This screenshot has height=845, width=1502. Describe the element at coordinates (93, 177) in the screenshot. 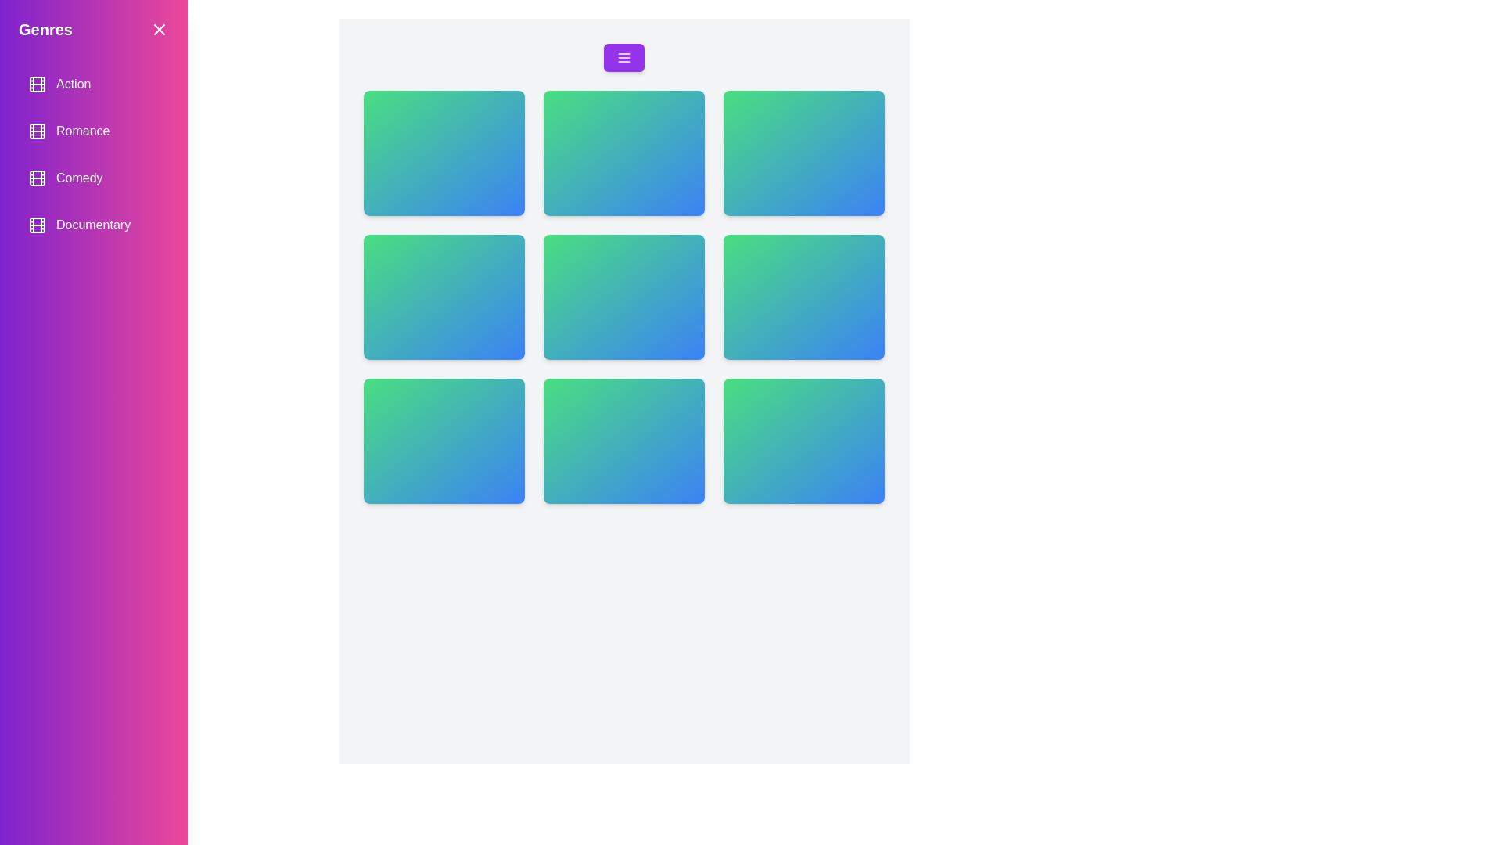

I see `the genre item labeled Comedy` at that location.